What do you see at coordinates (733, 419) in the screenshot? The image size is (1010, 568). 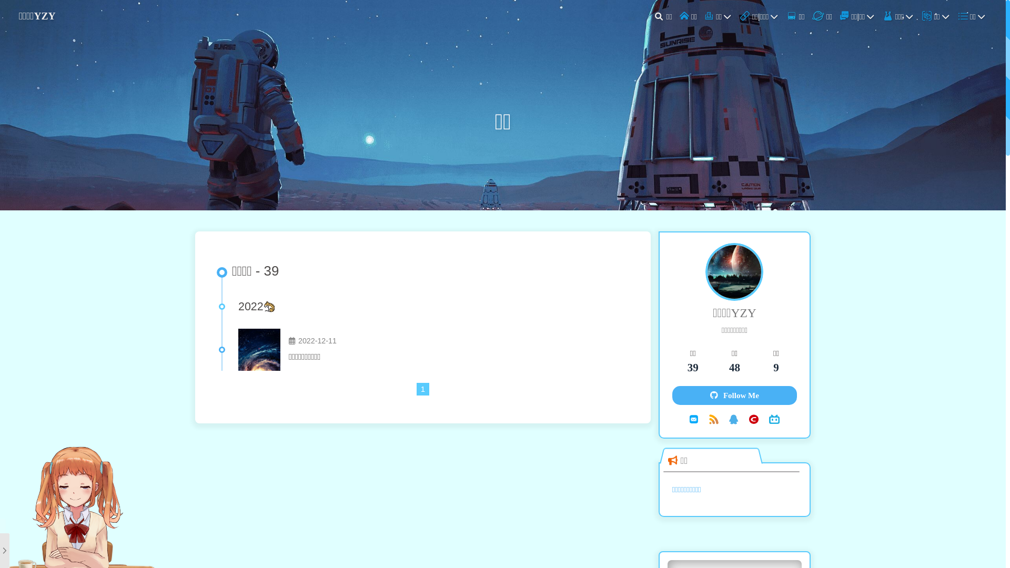 I see `'QQ'` at bounding box center [733, 419].